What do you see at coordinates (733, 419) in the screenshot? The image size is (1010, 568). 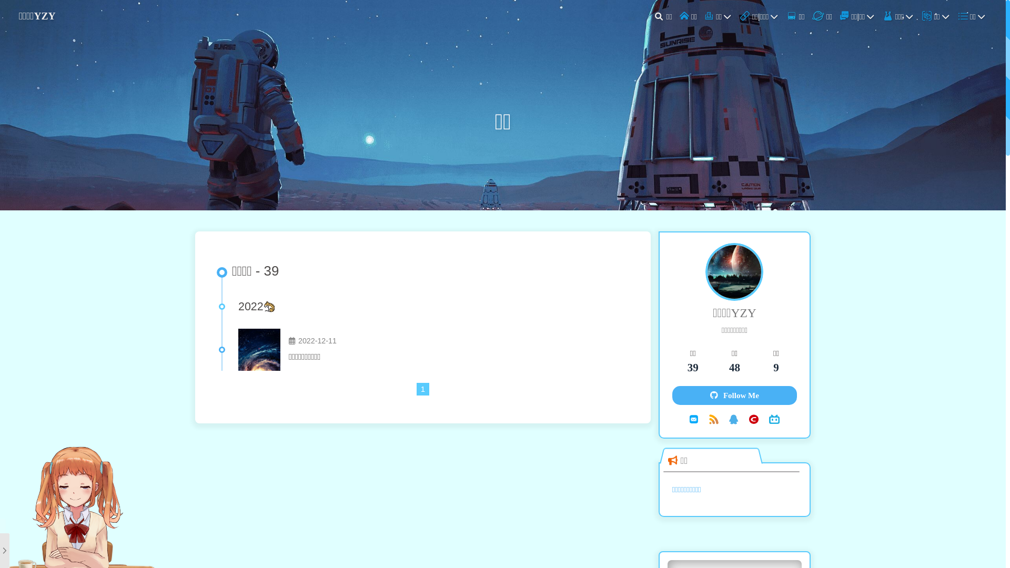 I see `'QQ'` at bounding box center [733, 419].